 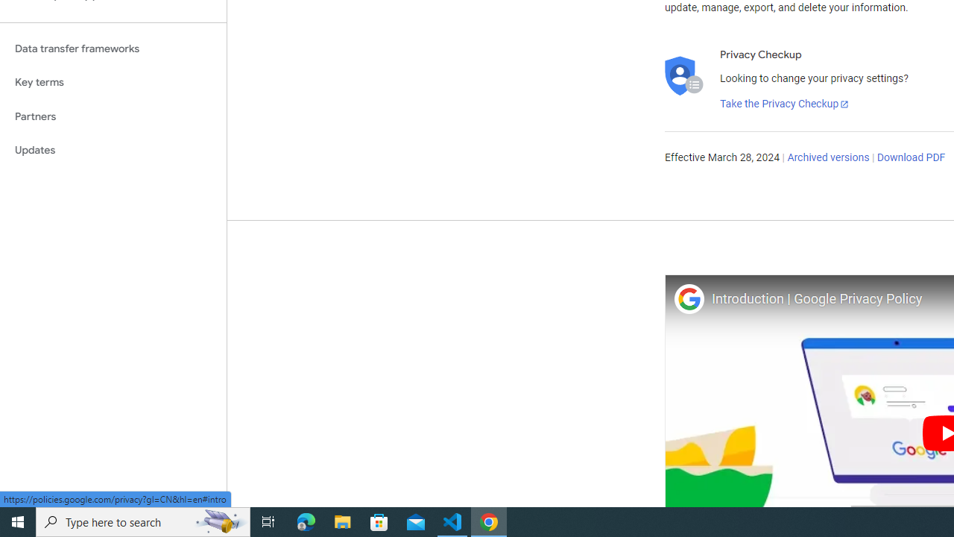 What do you see at coordinates (113, 150) in the screenshot?
I see `'Updates'` at bounding box center [113, 150].